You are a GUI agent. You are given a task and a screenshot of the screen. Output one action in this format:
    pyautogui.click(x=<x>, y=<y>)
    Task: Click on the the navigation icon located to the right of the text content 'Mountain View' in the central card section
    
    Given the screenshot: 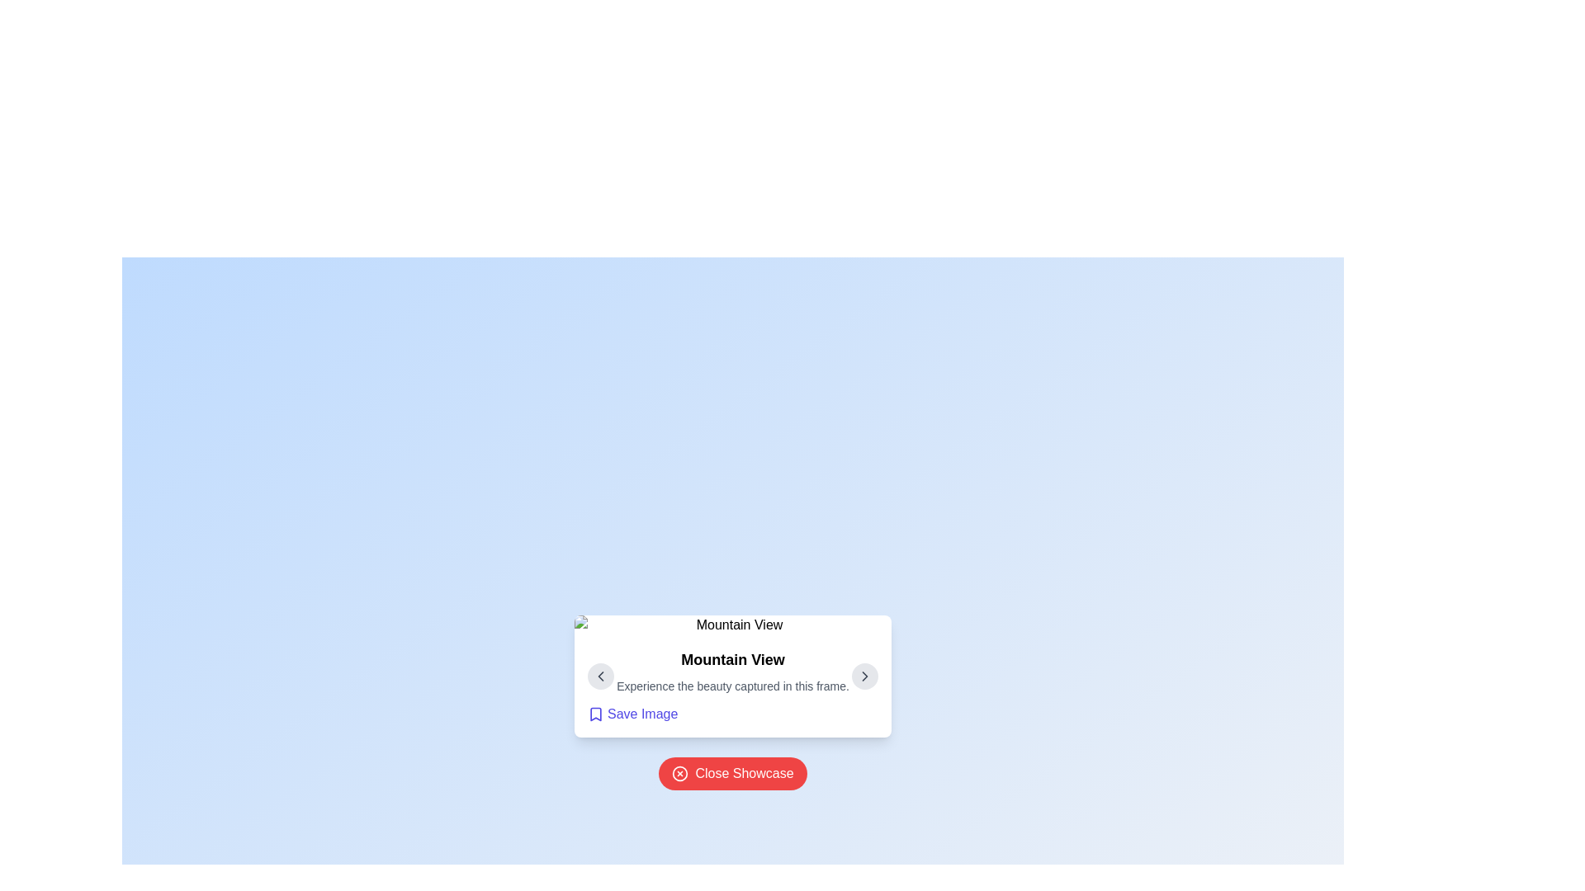 What is the action you would take?
    pyautogui.click(x=863, y=676)
    